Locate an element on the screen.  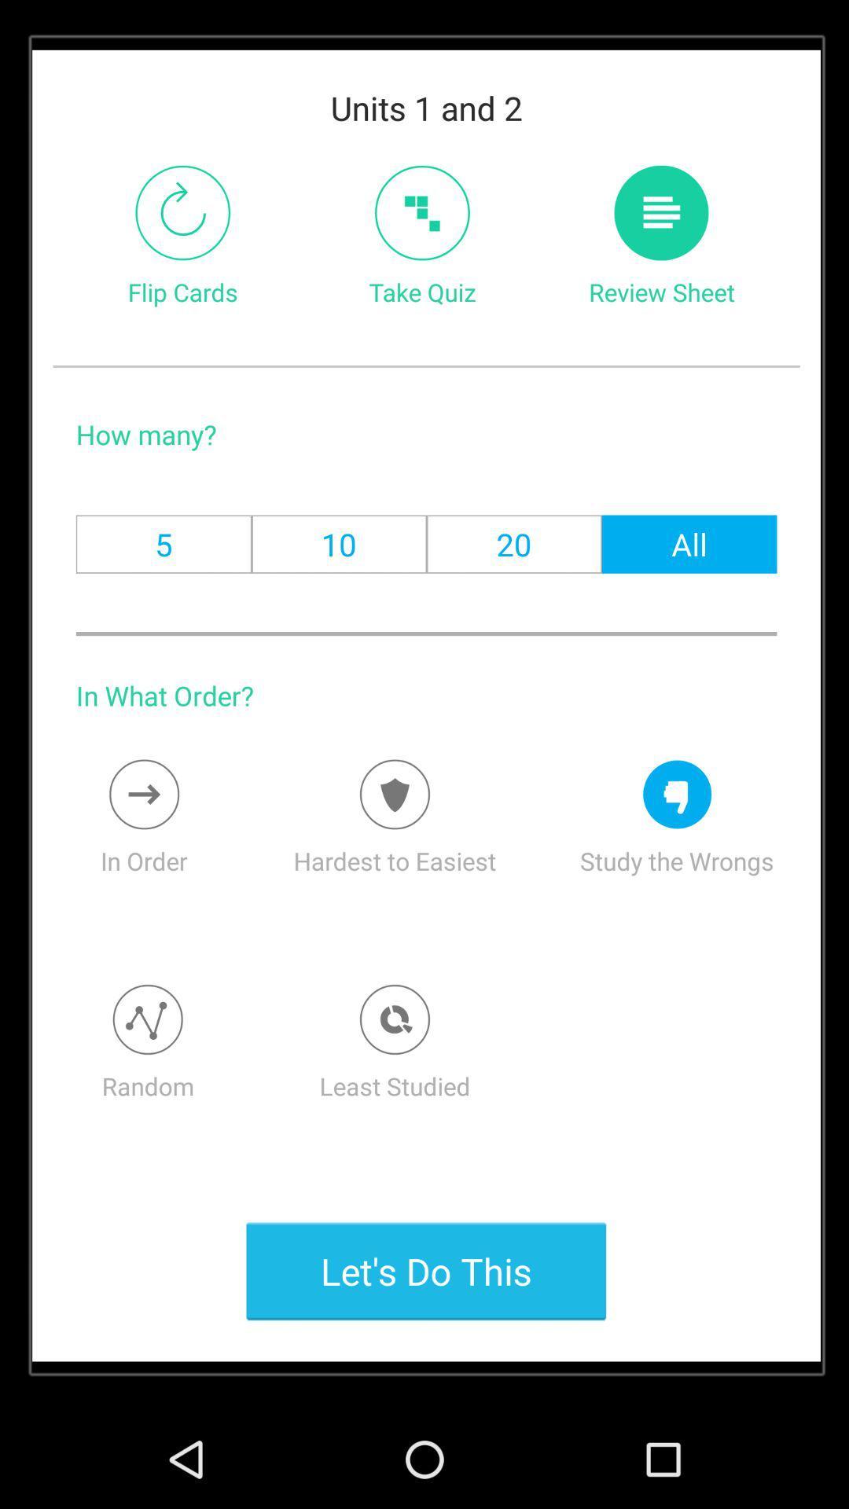
the refresh icon is located at coordinates (182, 227).